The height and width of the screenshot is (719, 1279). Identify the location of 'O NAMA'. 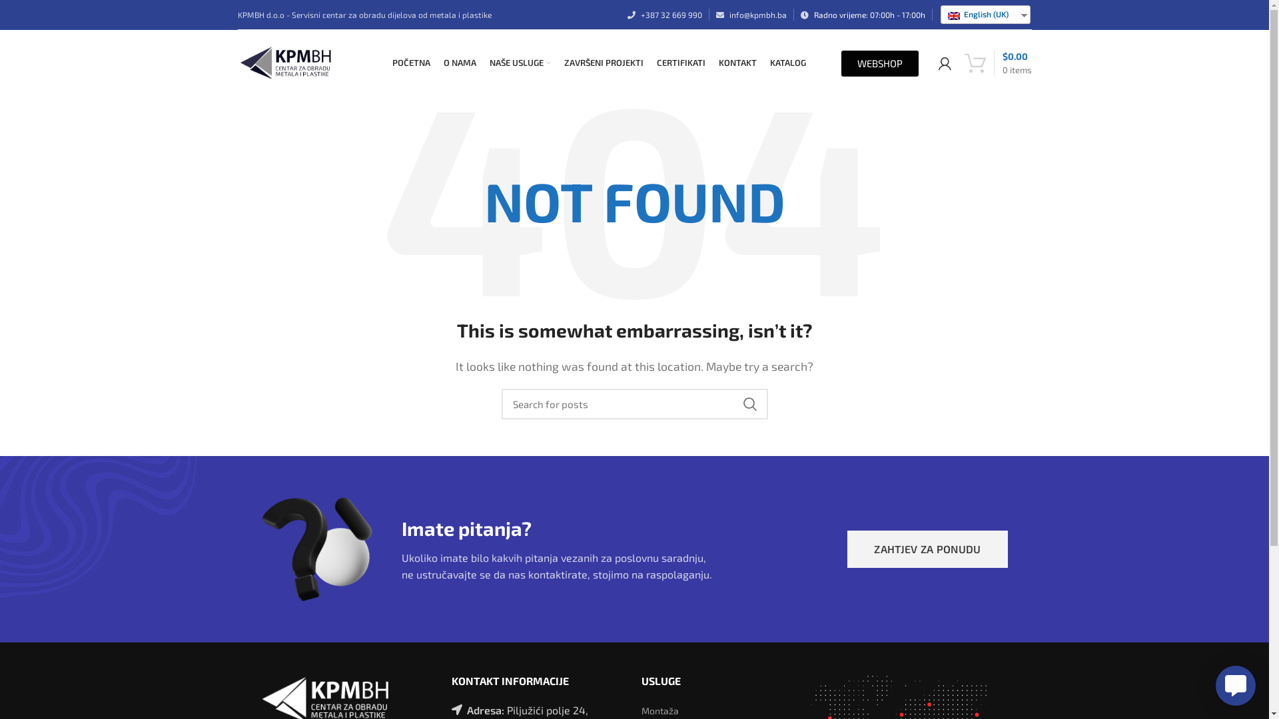
(437, 63).